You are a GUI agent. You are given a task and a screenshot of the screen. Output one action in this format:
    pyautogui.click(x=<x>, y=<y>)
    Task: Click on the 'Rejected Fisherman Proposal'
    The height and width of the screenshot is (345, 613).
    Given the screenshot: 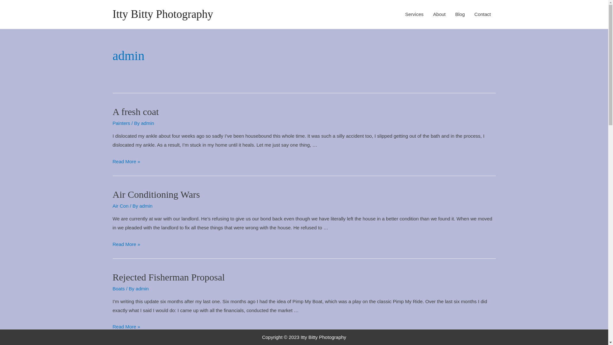 What is the action you would take?
    pyautogui.click(x=169, y=277)
    